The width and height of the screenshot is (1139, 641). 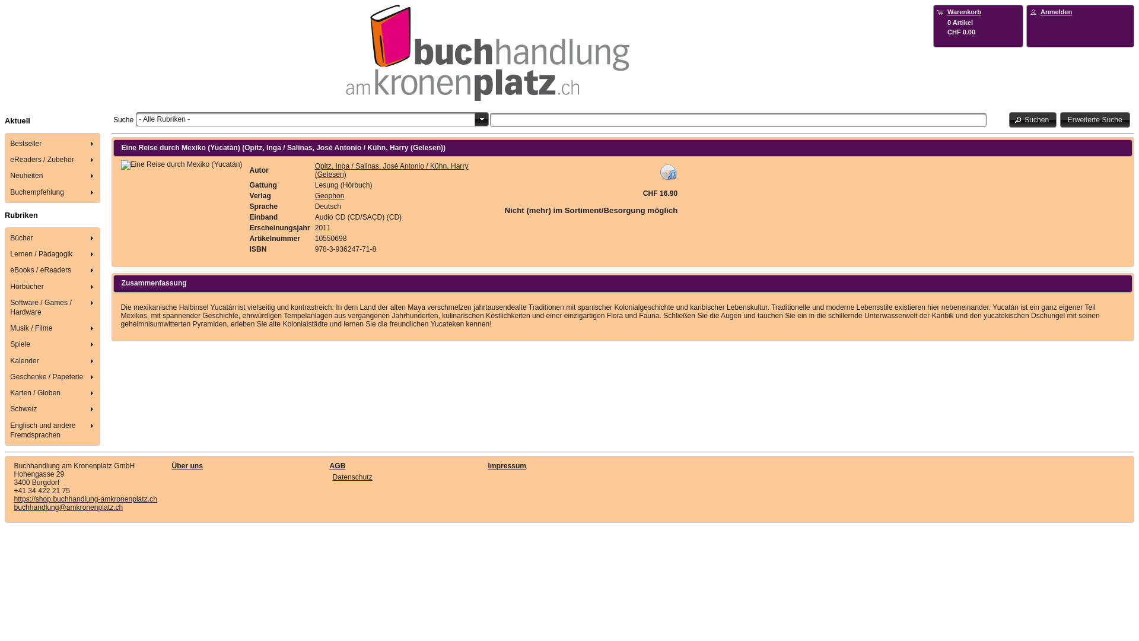 What do you see at coordinates (978, 21) in the screenshot?
I see `'Warenkorb` at bounding box center [978, 21].